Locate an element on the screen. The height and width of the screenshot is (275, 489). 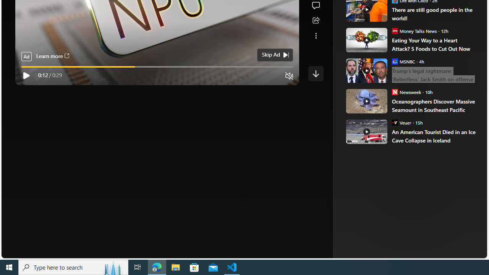
'Play' is located at coordinates (26, 76).